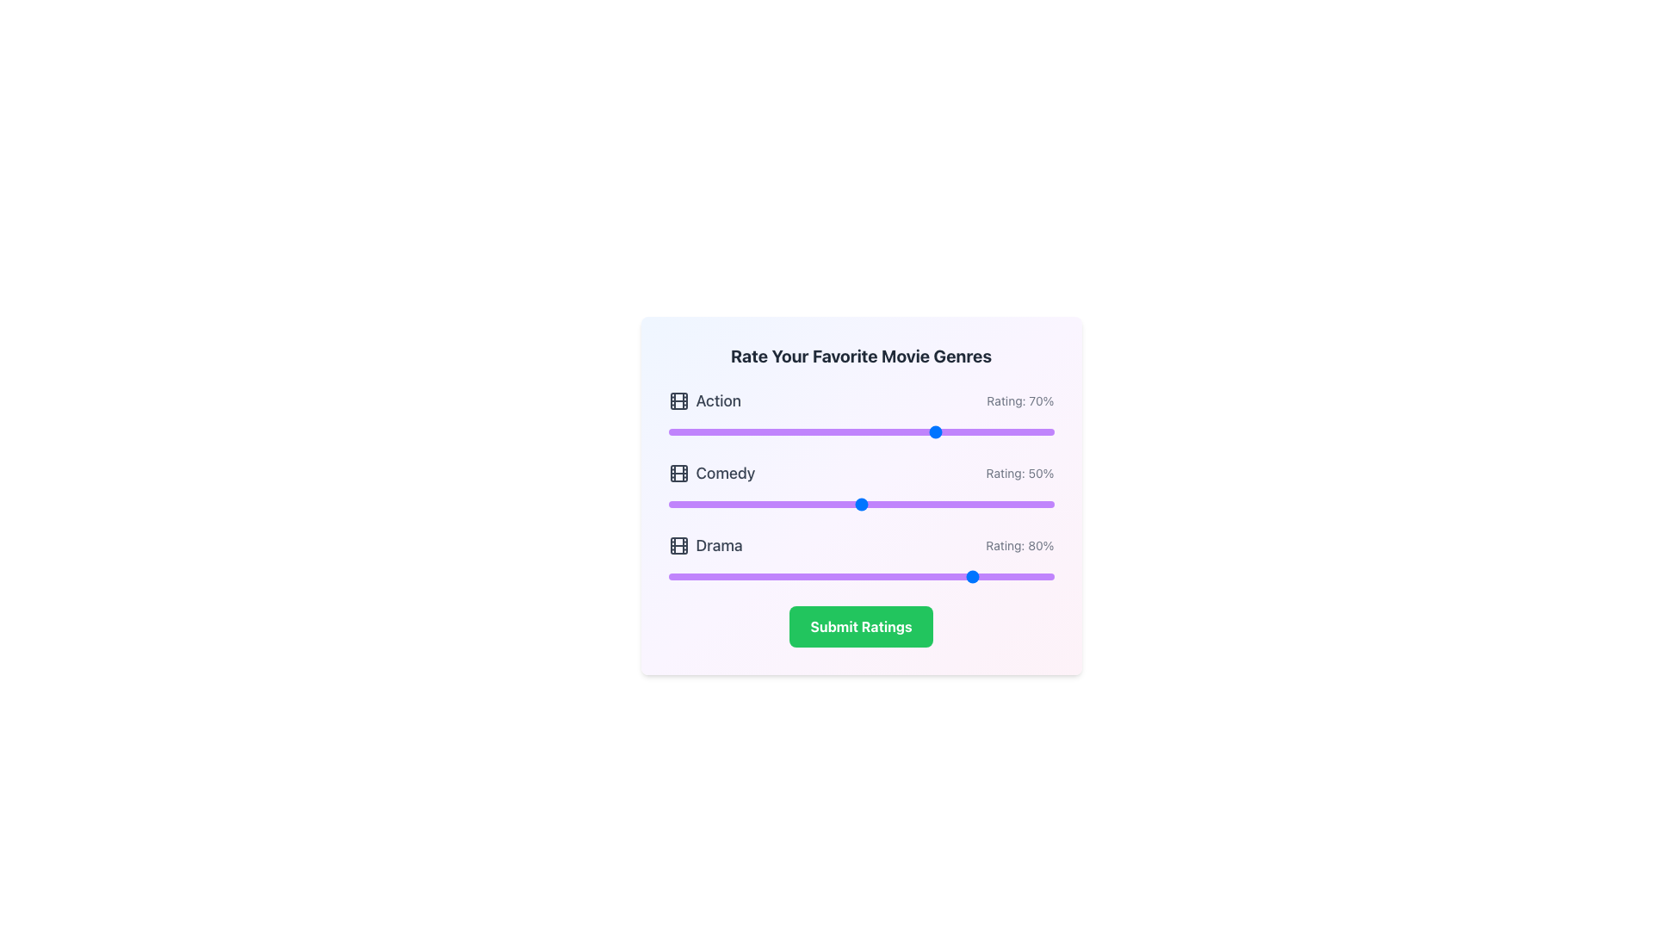 This screenshot has width=1653, height=930. Describe the element at coordinates (715, 431) in the screenshot. I see `the 'Action' movie genre rating` at that location.